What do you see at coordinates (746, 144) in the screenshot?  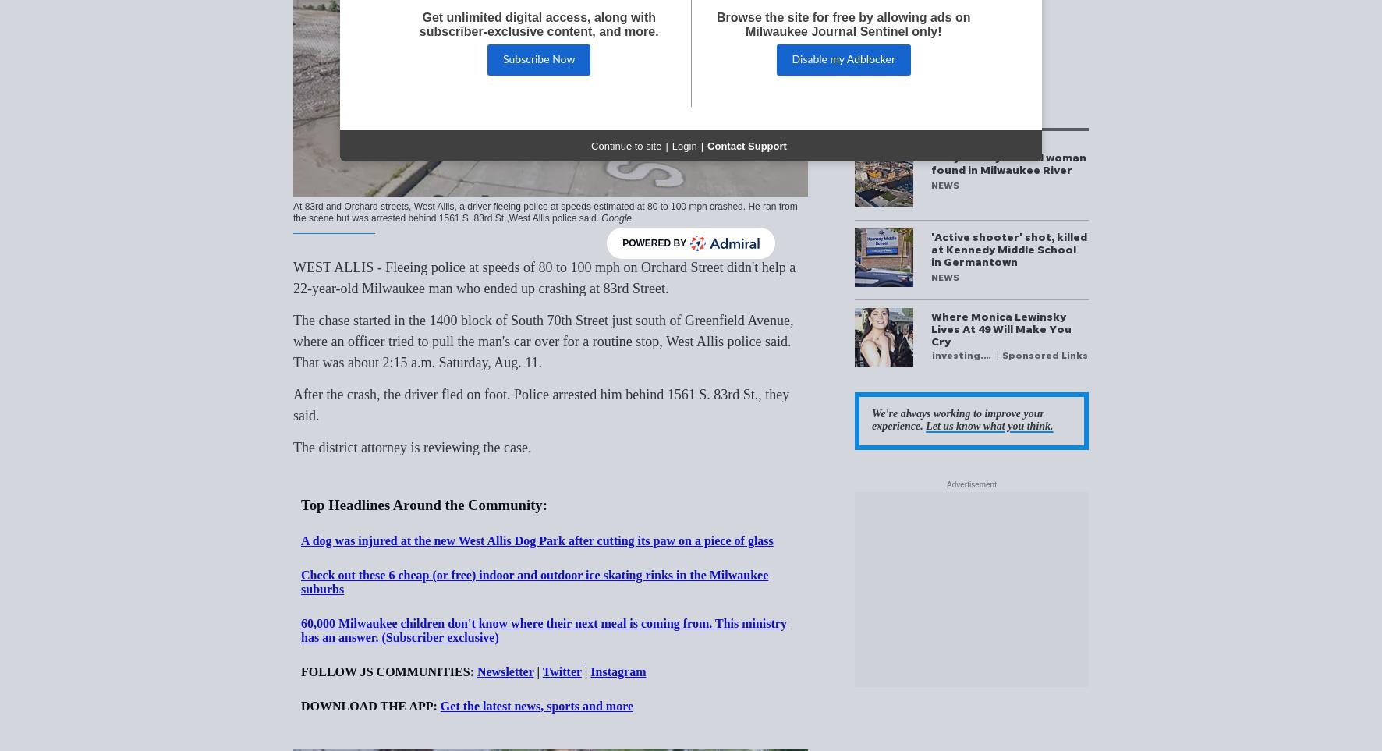 I see `'Contact Support'` at bounding box center [746, 144].